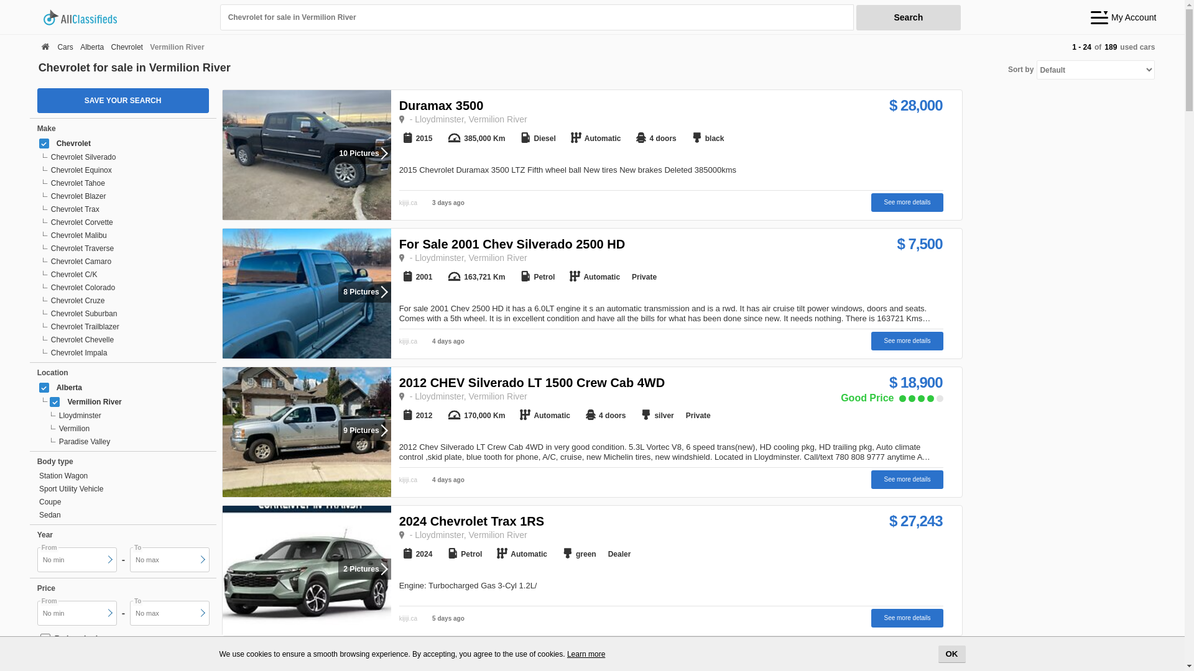 The image size is (1194, 671). Describe the element at coordinates (126, 326) in the screenshot. I see `'Chevrolet Trailblazer'` at that location.